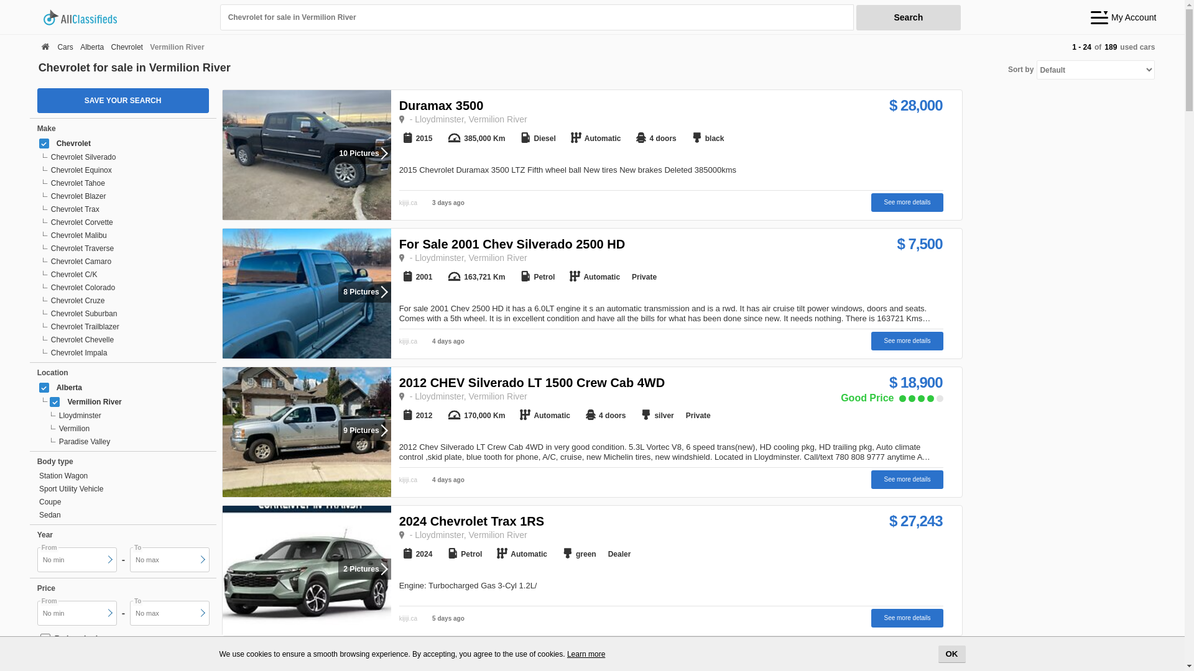 The image size is (1194, 671). Describe the element at coordinates (126, 326) in the screenshot. I see `'Chevrolet Trailblazer'` at that location.